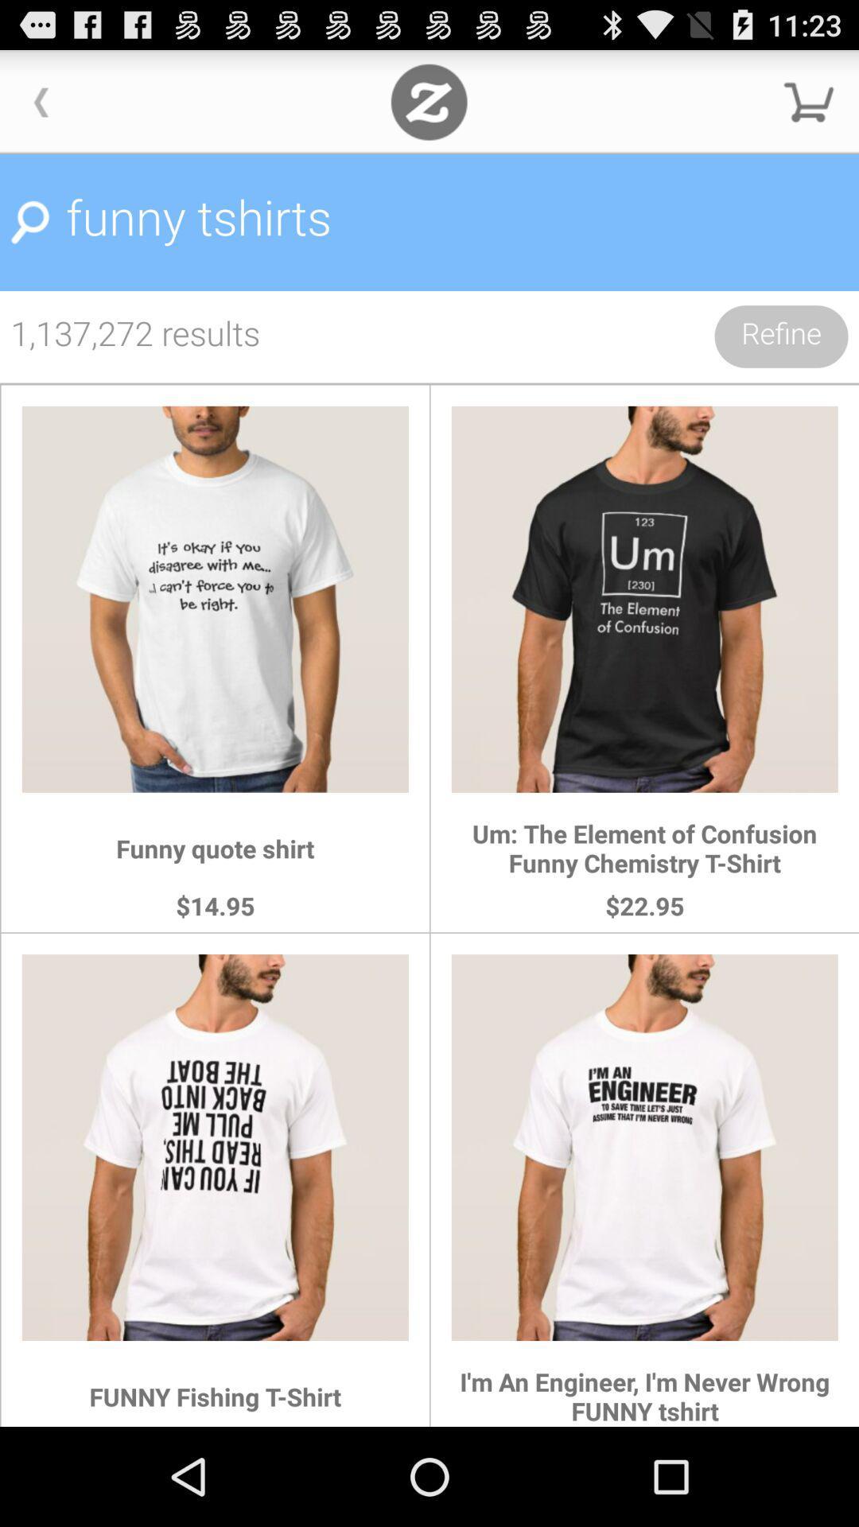 This screenshot has width=859, height=1527. I want to click on refine, so click(780, 336).